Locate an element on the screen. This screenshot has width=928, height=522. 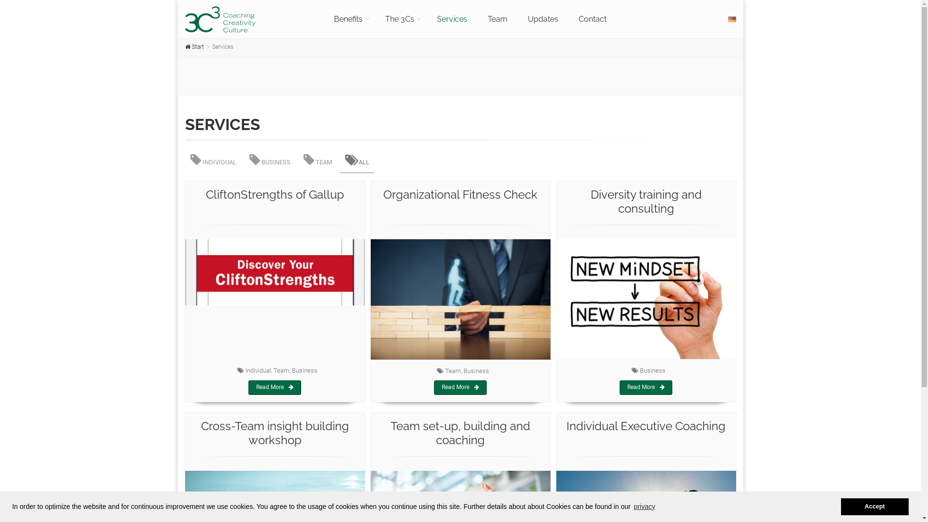
'Start' is located at coordinates (193, 46).